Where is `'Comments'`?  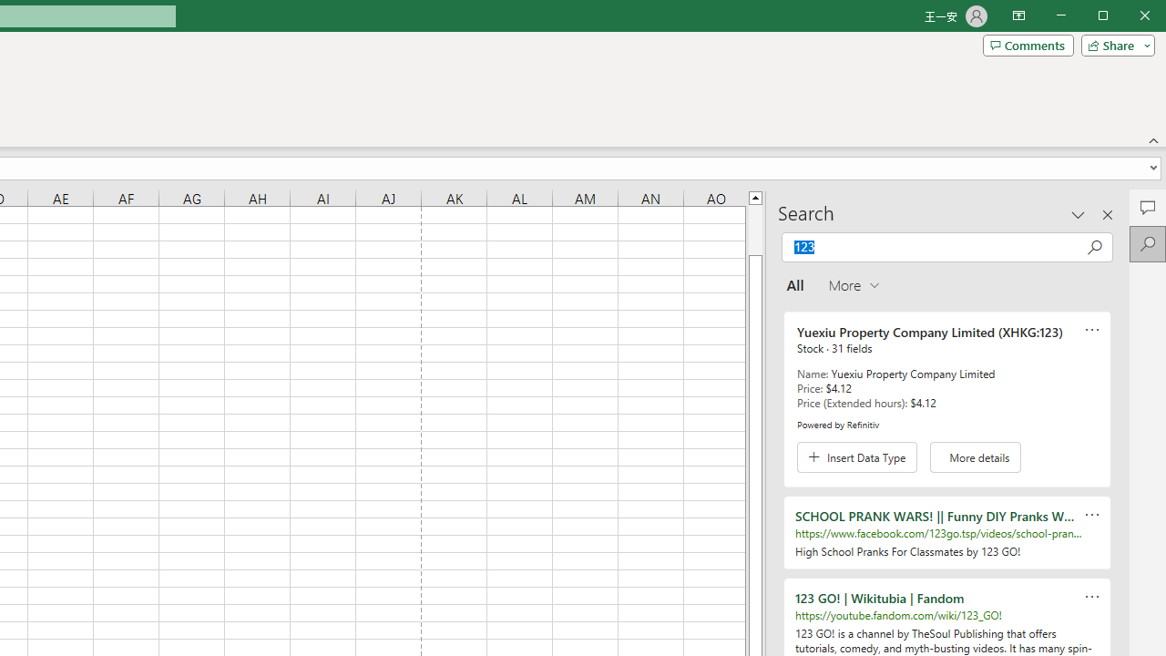 'Comments' is located at coordinates (1028, 45).